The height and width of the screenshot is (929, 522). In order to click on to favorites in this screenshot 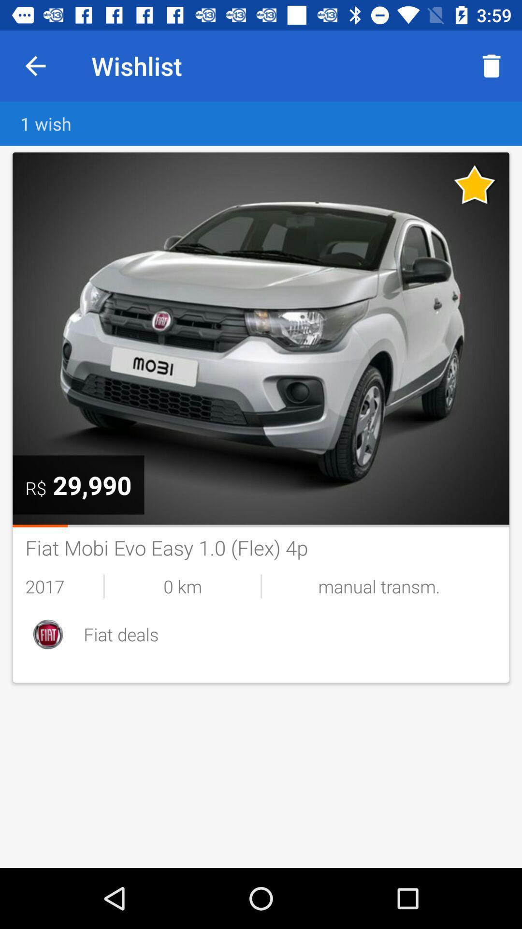, I will do `click(475, 184)`.